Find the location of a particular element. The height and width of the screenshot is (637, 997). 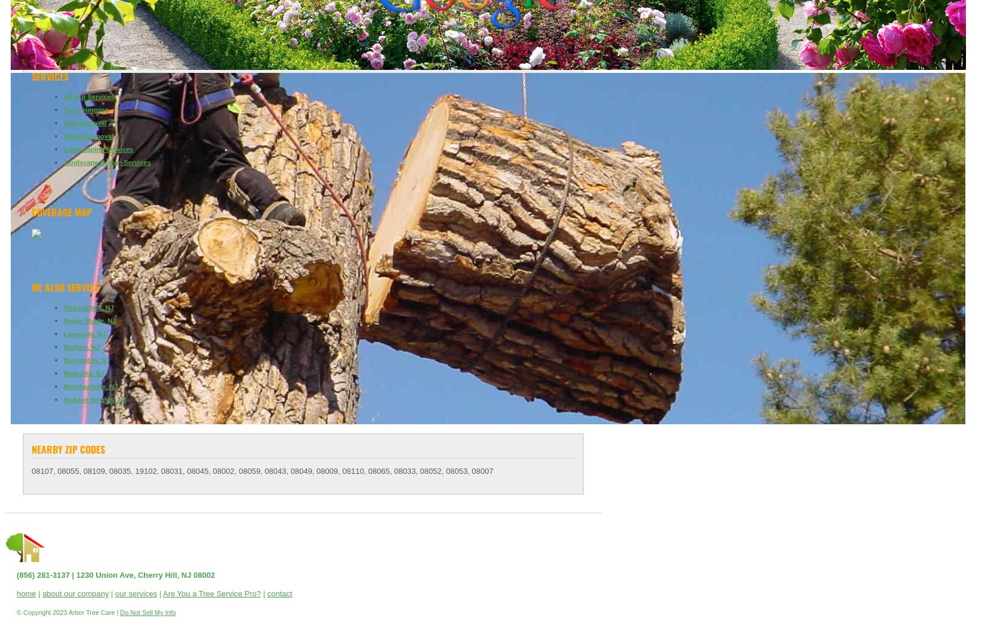

'our services' is located at coordinates (115, 593).